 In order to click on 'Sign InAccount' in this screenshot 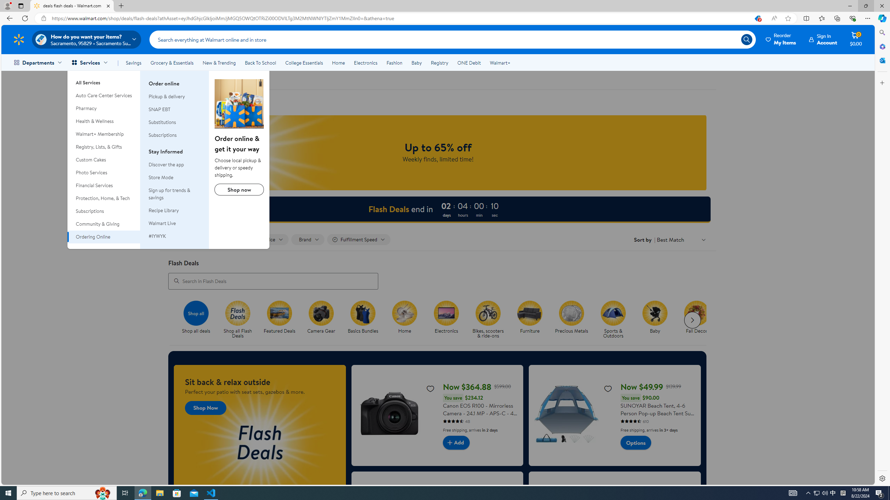, I will do `click(823, 39)`.